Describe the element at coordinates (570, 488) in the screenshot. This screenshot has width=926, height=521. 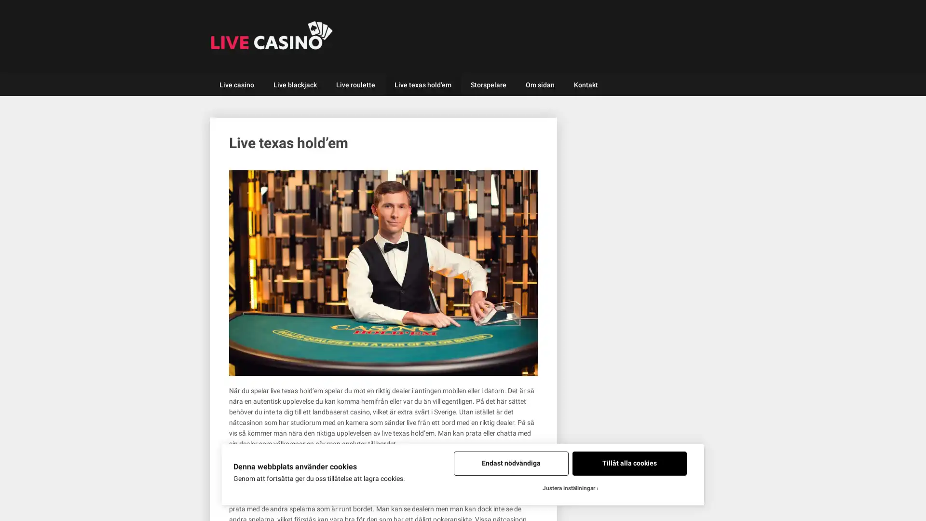
I see `Justera installningar` at that location.